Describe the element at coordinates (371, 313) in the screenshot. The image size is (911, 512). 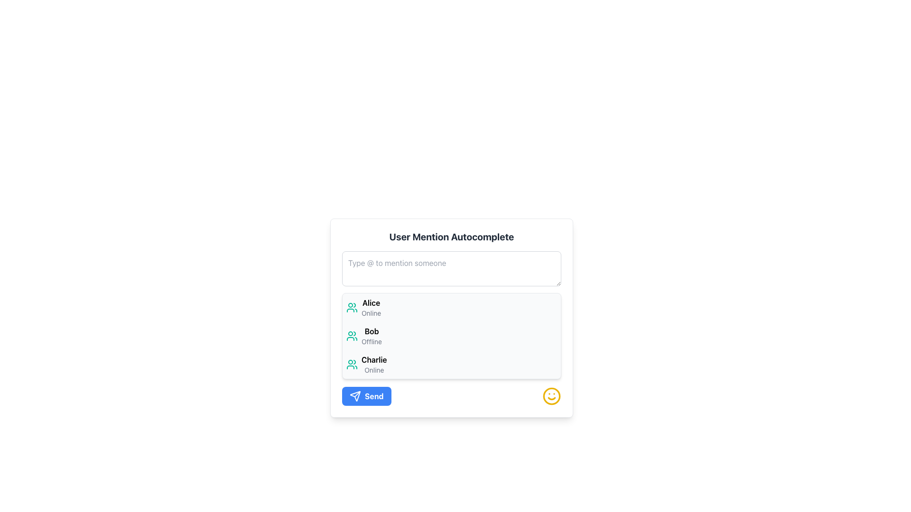
I see `the text label that reads 'Online', which is styled in light gray and positioned below the name 'Alice' in the user mention autocomplete interface` at that location.